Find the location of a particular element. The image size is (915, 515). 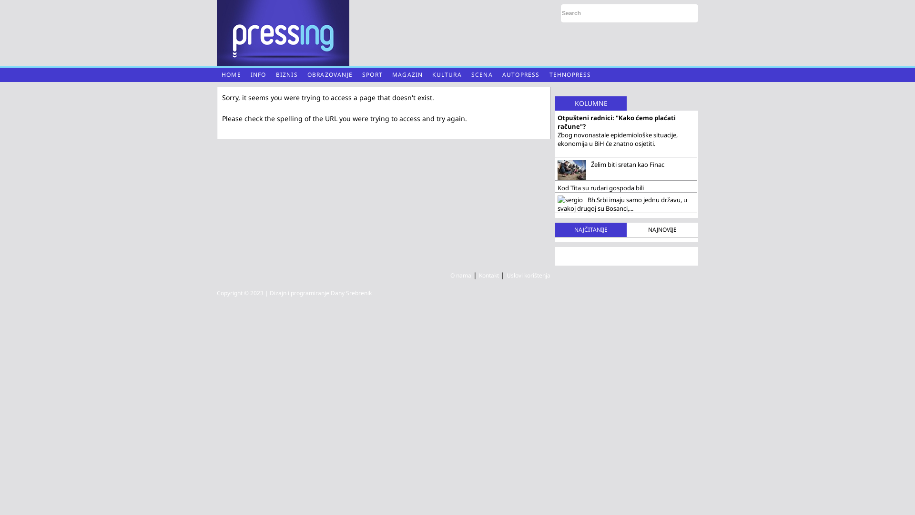

'AUTOPRESS' is located at coordinates (520, 74).